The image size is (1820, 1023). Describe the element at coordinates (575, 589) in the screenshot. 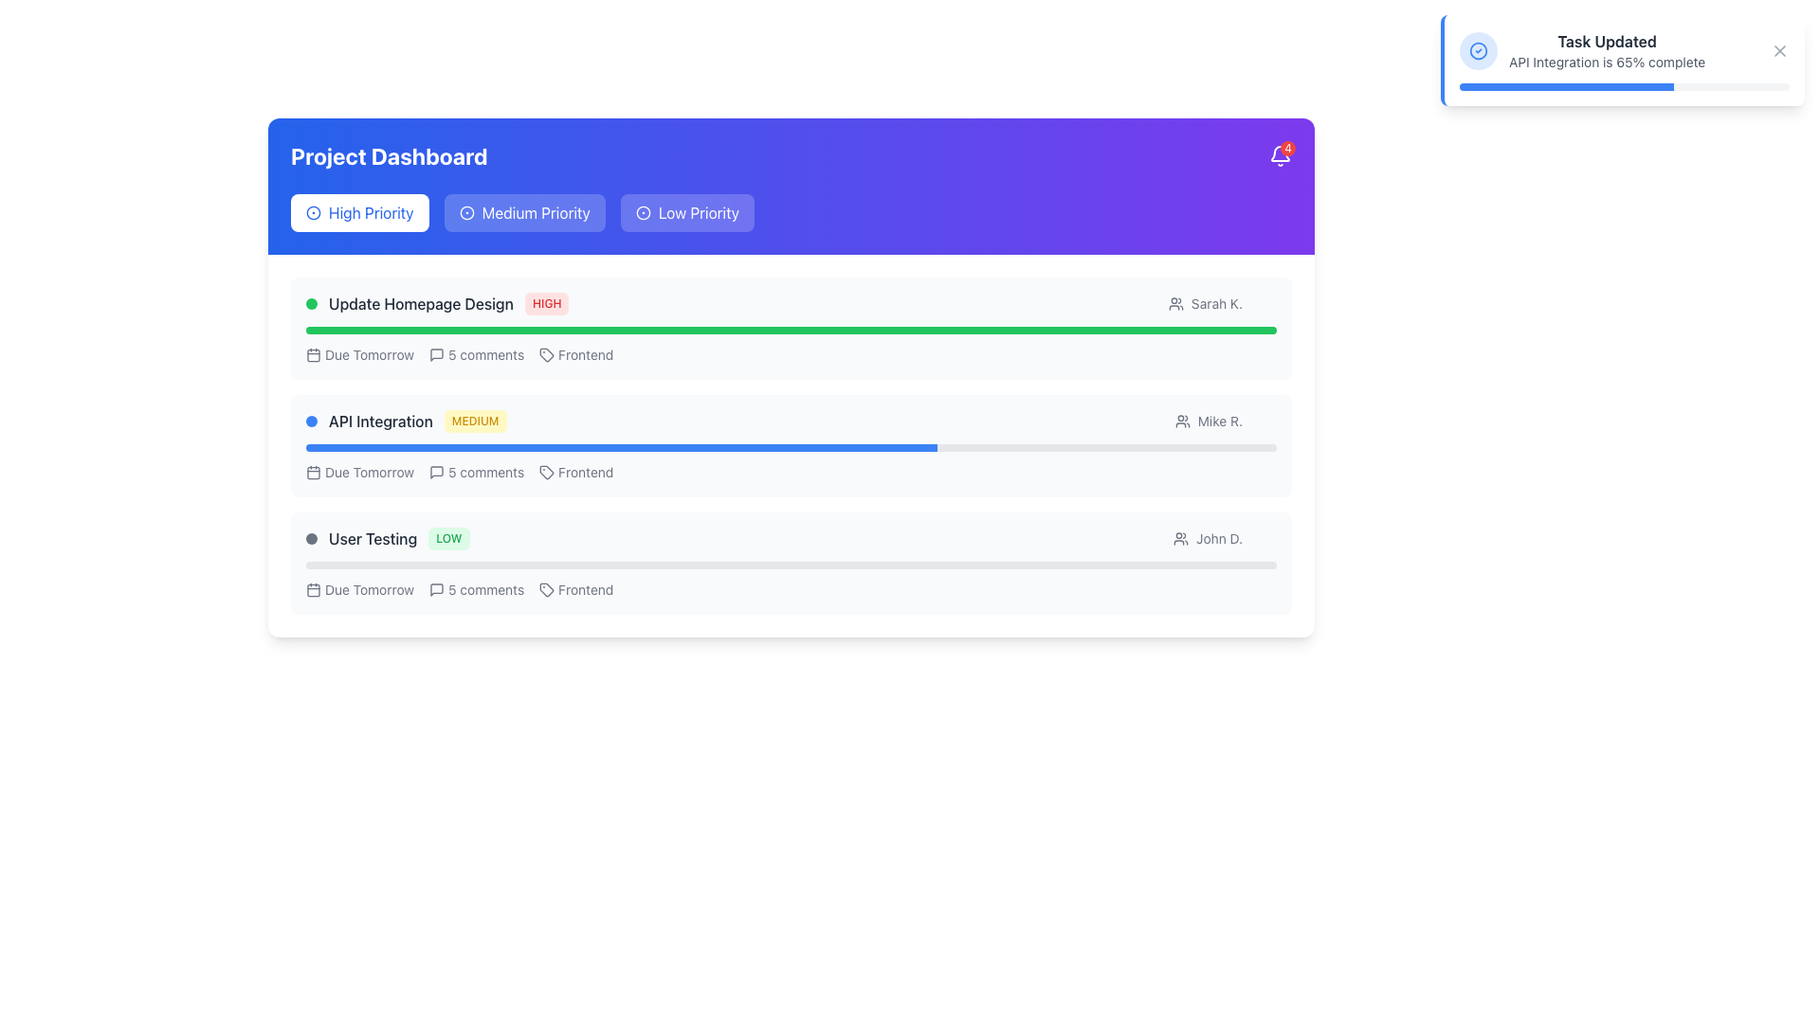

I see `the 'Frontend' label with the tag icon as a category indicator` at that location.